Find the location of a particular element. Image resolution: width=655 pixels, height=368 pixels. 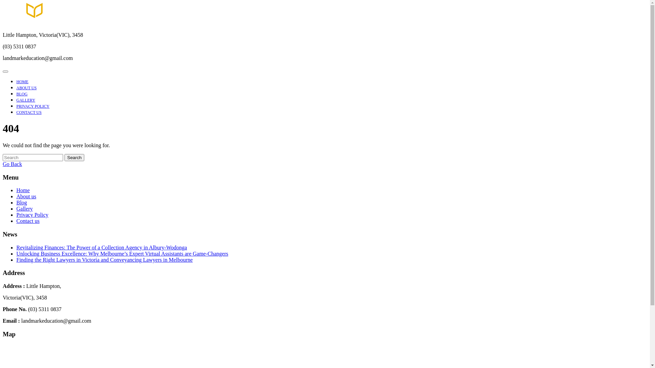

'Search' is located at coordinates (74, 157).